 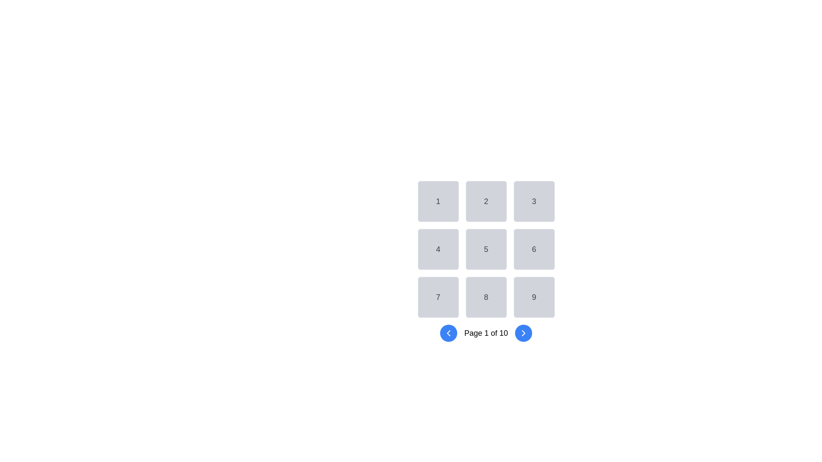 I want to click on the text label displaying 'Page 1 of 10', which is located centrally at the bottom of the grid layout between the 'Previous' and 'Next' navigation buttons, so click(x=486, y=333).